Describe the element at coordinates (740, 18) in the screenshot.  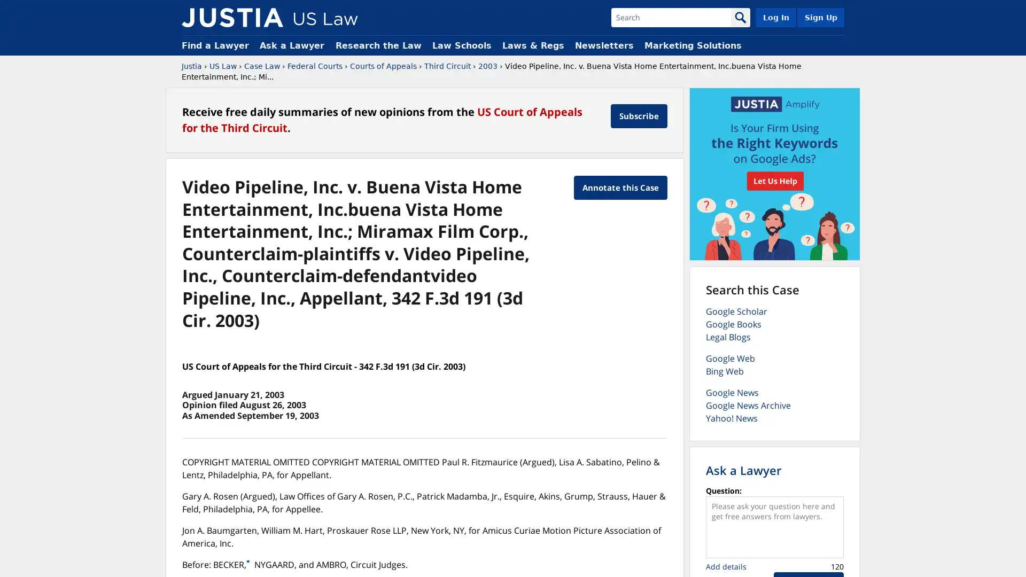
I see `search` at that location.